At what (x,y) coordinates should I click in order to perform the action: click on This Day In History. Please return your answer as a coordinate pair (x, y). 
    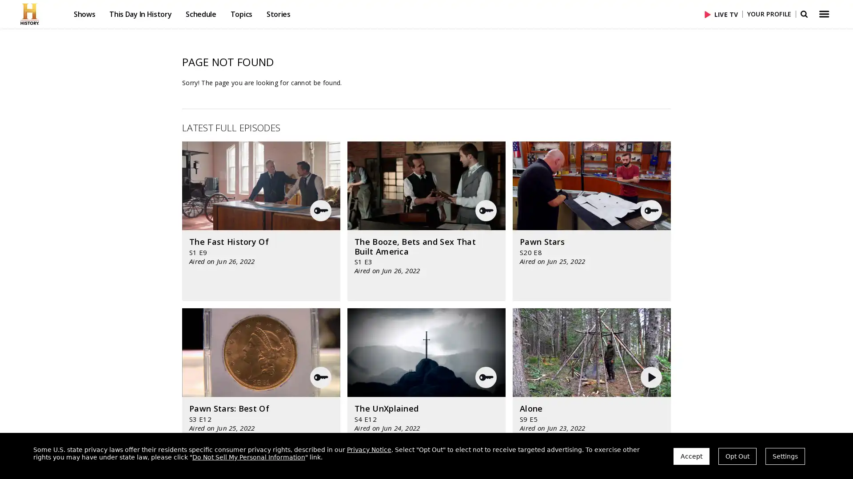
    Looking at the image, I should click on (140, 14).